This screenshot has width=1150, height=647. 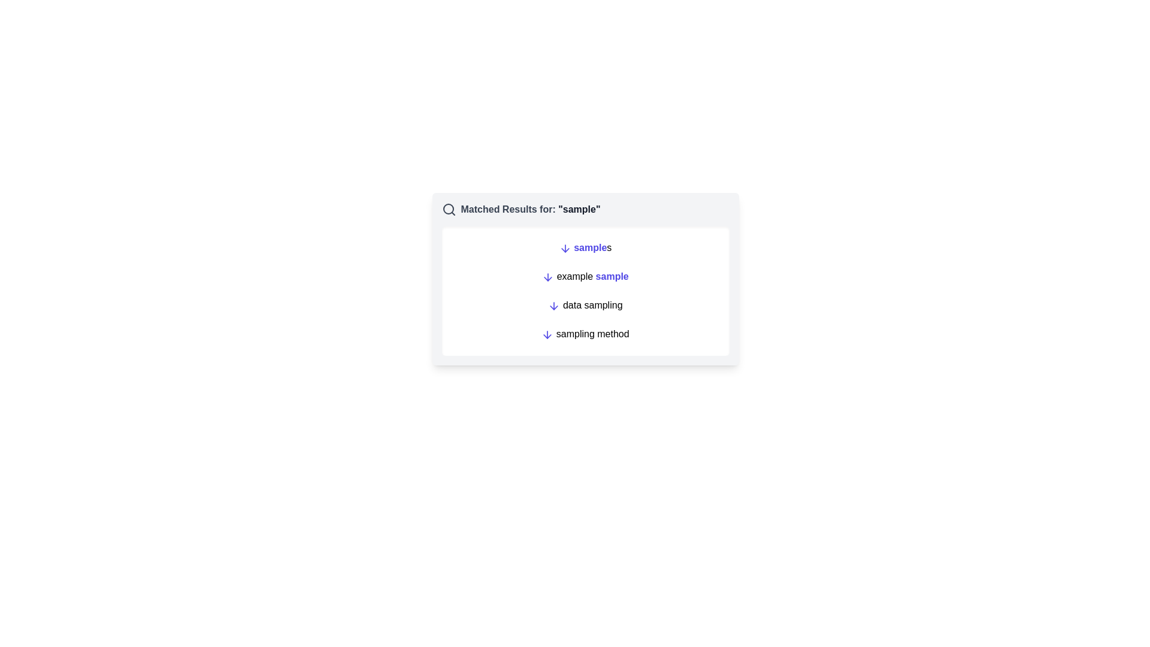 What do you see at coordinates (585, 247) in the screenshot?
I see `the first list item labeled 'samples' with a bold blue font and a downward arrow icon to interact with it` at bounding box center [585, 247].